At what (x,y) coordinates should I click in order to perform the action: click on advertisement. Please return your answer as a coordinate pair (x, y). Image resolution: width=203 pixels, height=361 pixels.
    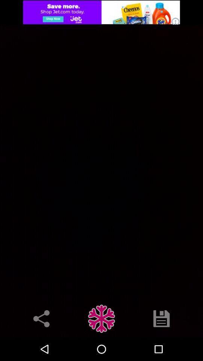
    Looking at the image, I should click on (101, 12).